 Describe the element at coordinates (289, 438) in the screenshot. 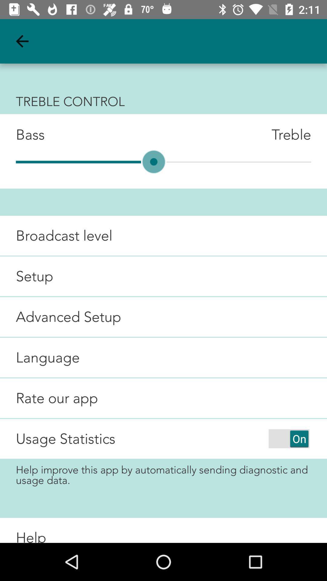

I see `sending data of usage statistics` at that location.